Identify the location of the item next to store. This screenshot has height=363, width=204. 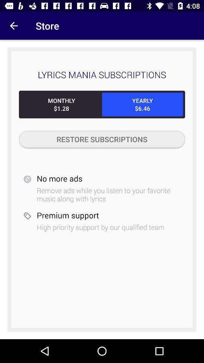
(14, 26).